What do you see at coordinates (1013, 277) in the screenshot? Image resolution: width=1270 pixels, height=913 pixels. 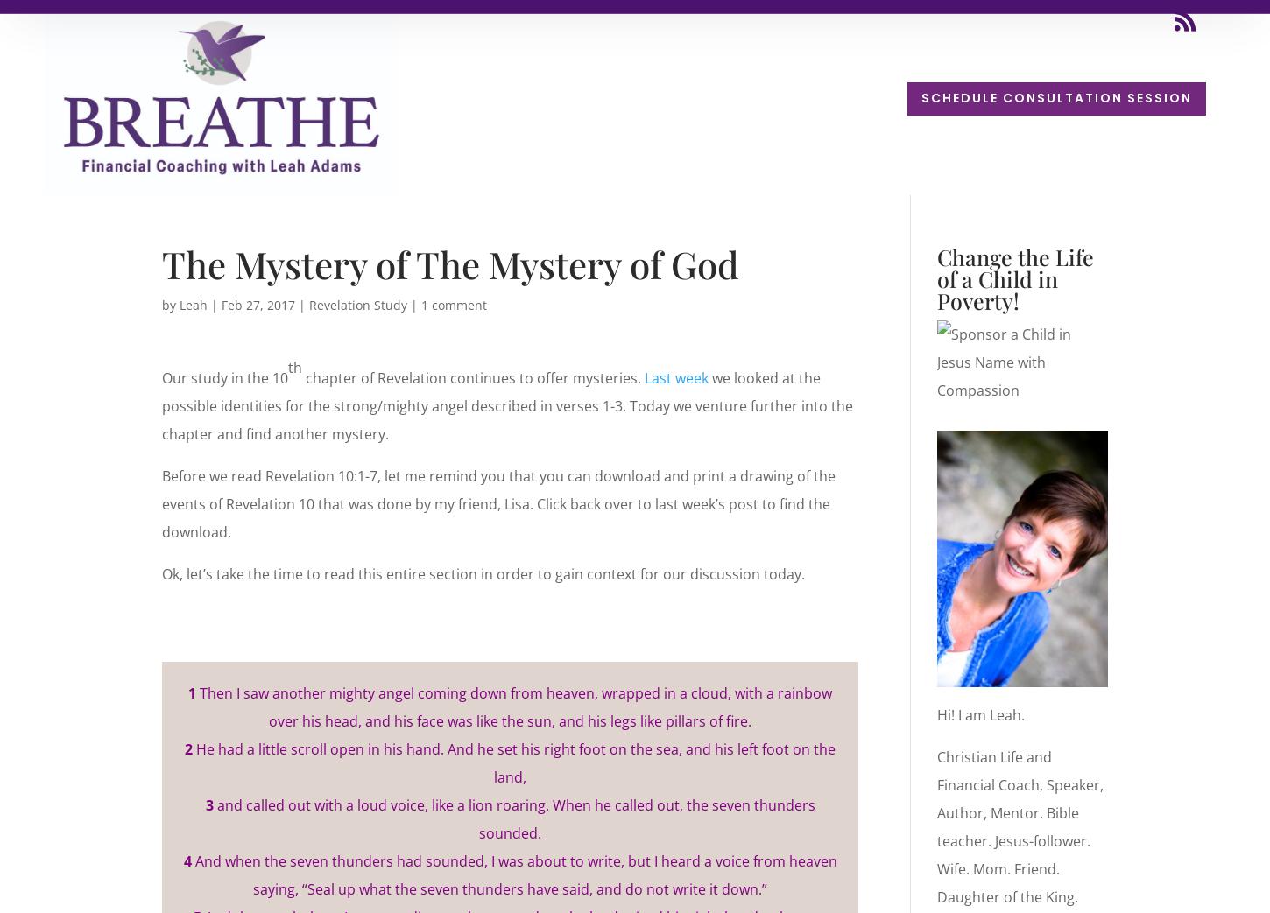 I see `'Change the Life of a Child in Poverty!'` at bounding box center [1013, 277].